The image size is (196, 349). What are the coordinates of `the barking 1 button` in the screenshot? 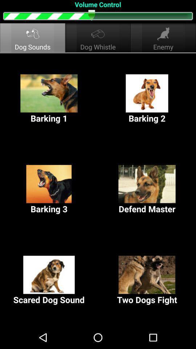 It's located at (49, 99).